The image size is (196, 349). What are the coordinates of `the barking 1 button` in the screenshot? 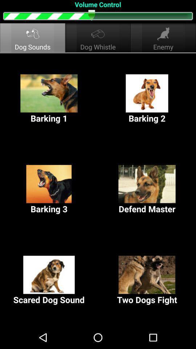 It's located at (49, 99).